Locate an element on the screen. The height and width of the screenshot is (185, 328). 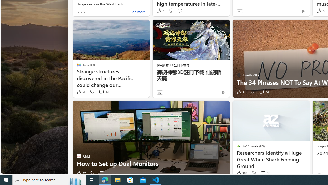
'tab-1' is located at coordinates (81, 12).